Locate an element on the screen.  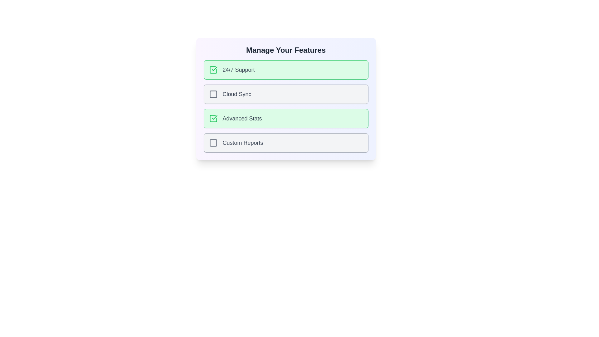
the 'Advanced Stats' text label, which is styled with a medium font size and gray color, located next to a green checkmark in the 'Manage Your Features' section is located at coordinates (242, 119).